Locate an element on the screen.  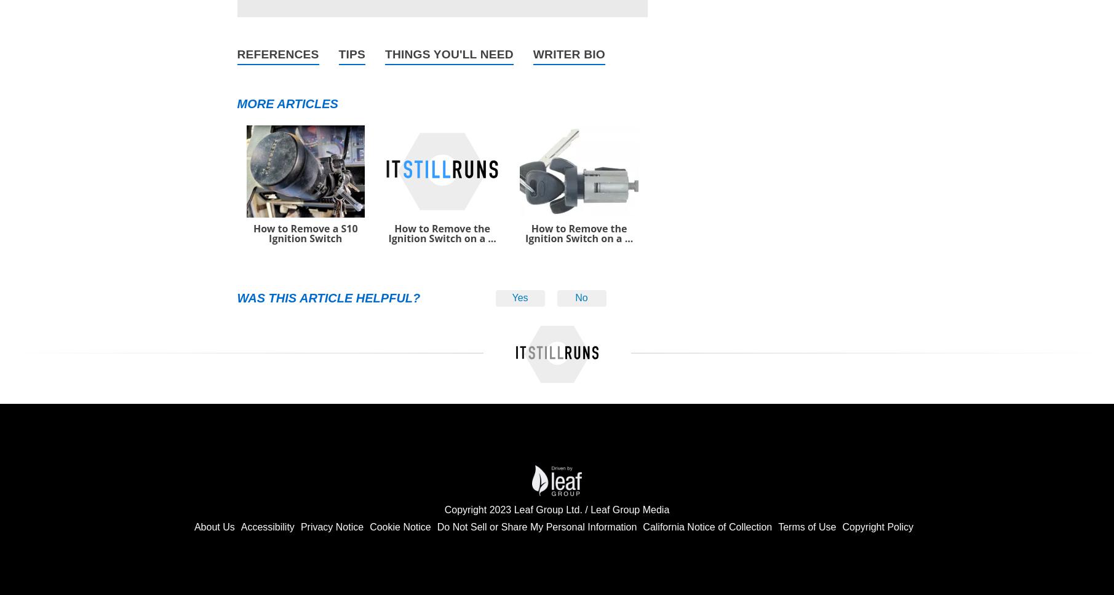
'About Us' is located at coordinates (193, 526).